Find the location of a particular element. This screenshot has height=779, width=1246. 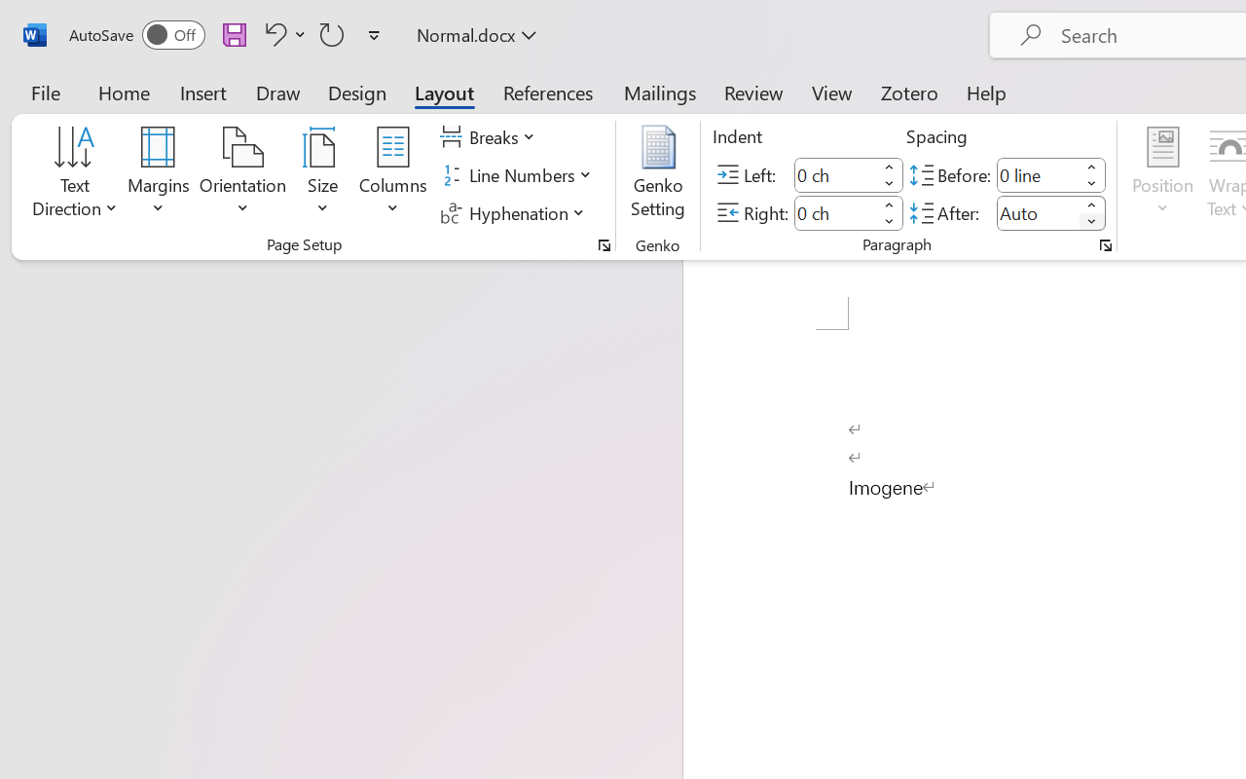

'Page Setup...' is located at coordinates (604, 244).